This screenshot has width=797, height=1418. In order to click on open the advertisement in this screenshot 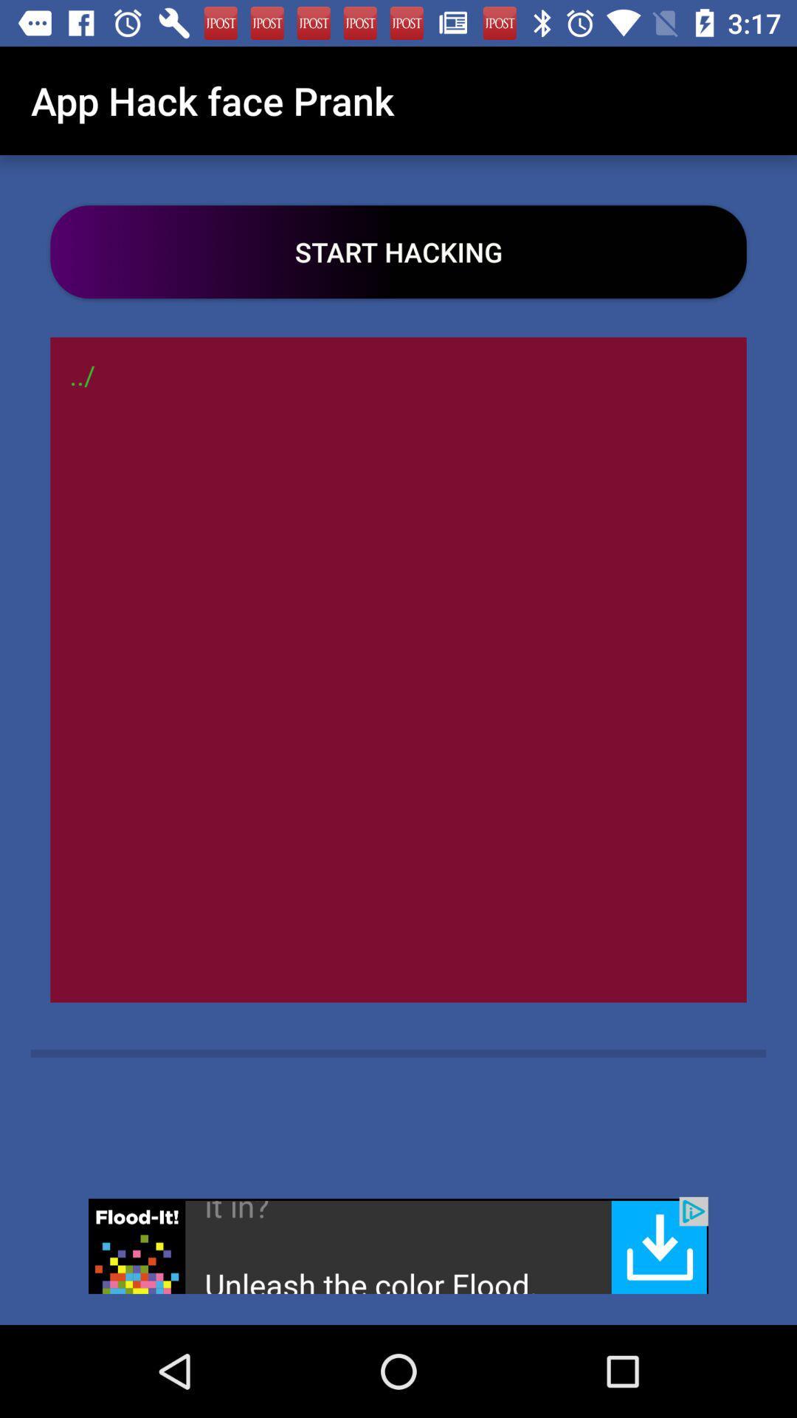, I will do `click(398, 1244)`.